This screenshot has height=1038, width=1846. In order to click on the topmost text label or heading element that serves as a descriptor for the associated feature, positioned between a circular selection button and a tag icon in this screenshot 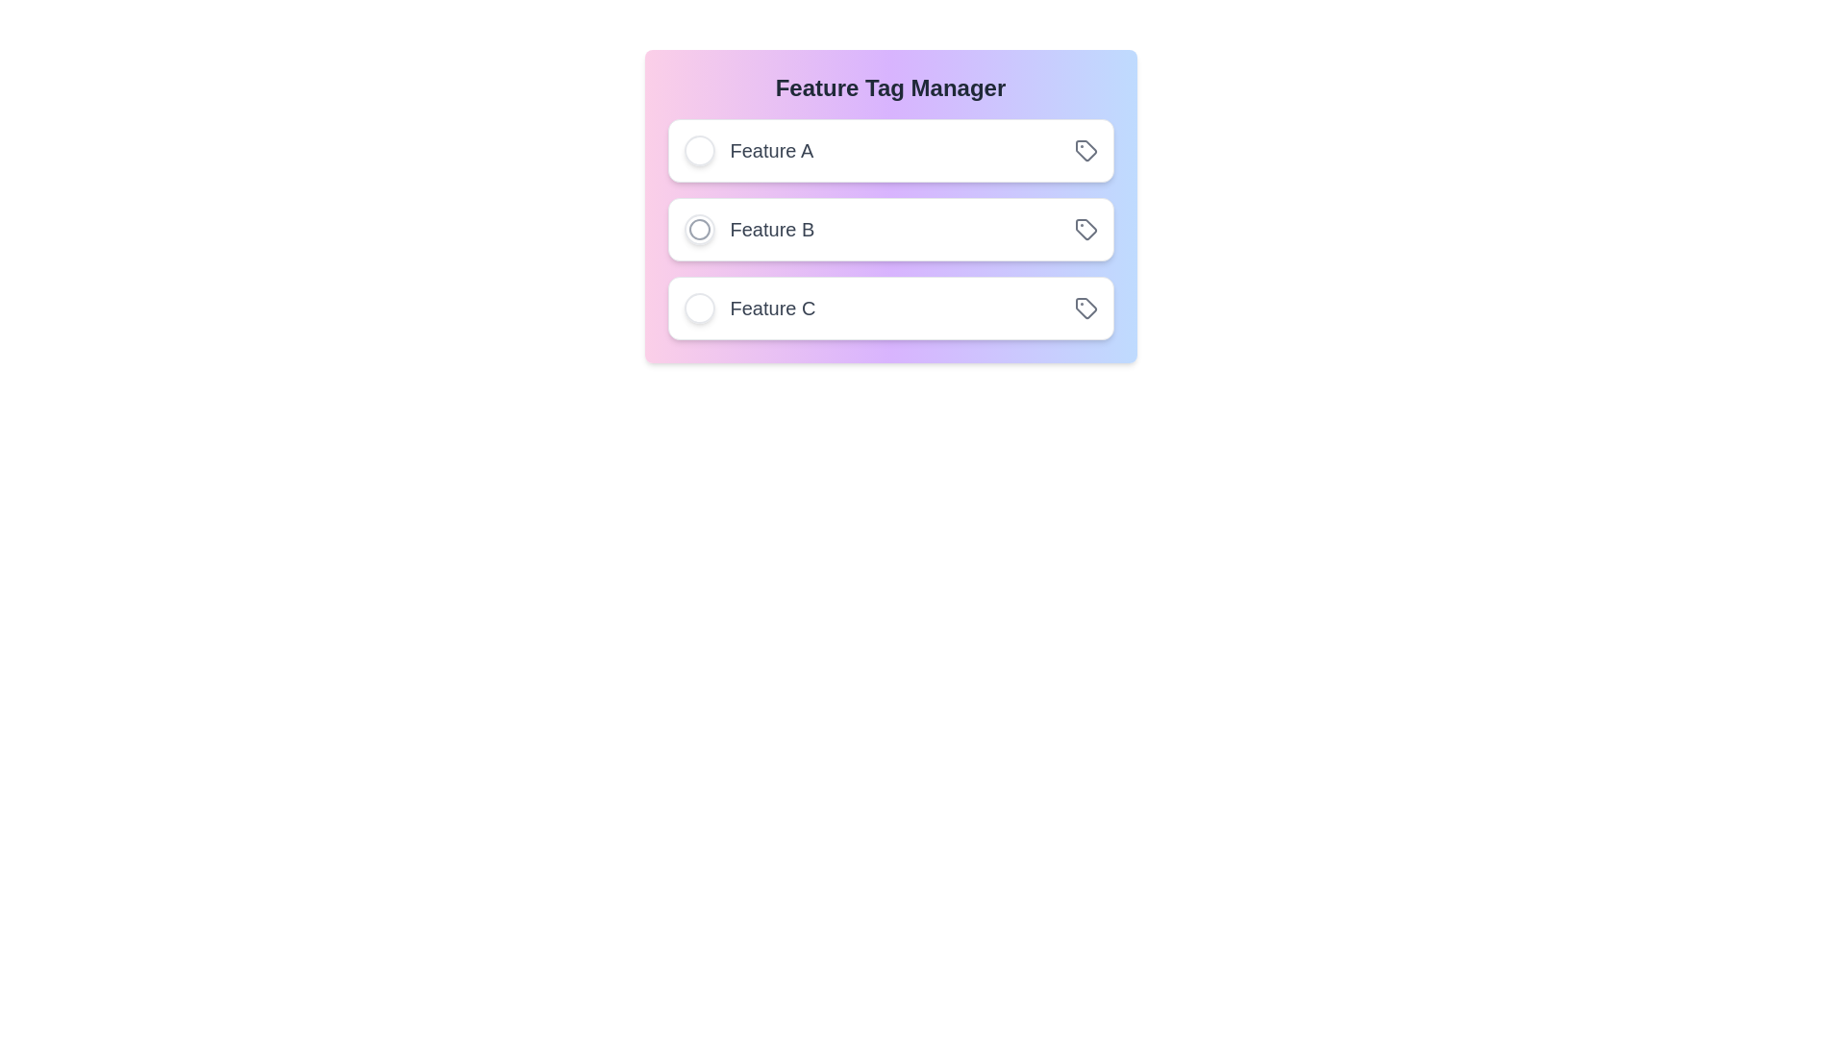, I will do `click(771, 150)`.